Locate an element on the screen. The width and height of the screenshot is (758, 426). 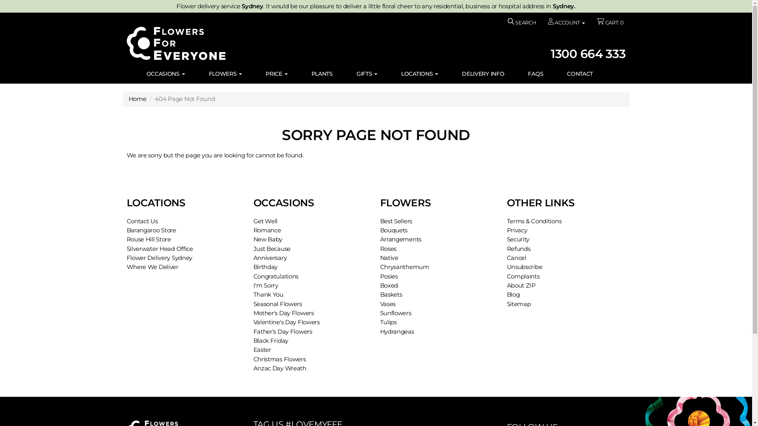
'Arrangements' is located at coordinates (400, 239).